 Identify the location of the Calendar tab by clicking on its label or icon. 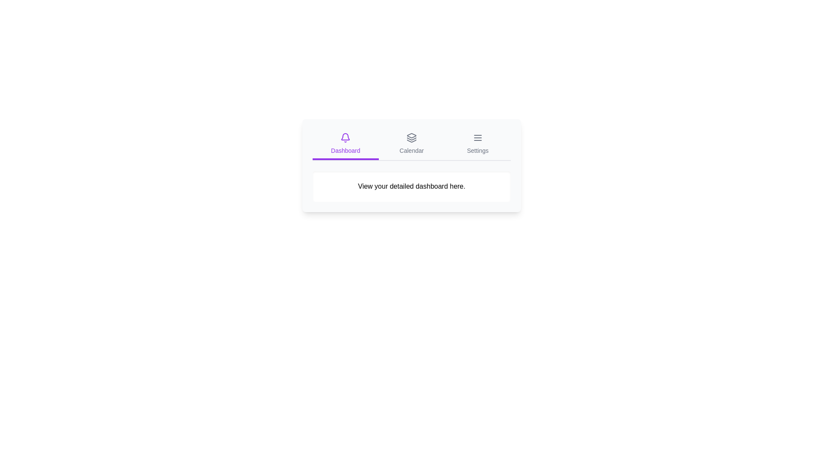
(412, 144).